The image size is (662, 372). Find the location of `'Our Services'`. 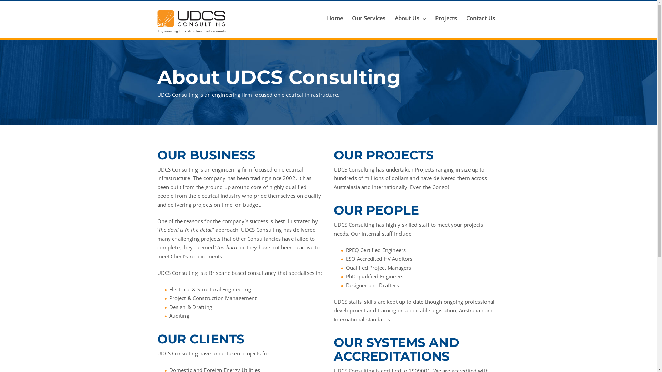

'Our Services' is located at coordinates (368, 18).